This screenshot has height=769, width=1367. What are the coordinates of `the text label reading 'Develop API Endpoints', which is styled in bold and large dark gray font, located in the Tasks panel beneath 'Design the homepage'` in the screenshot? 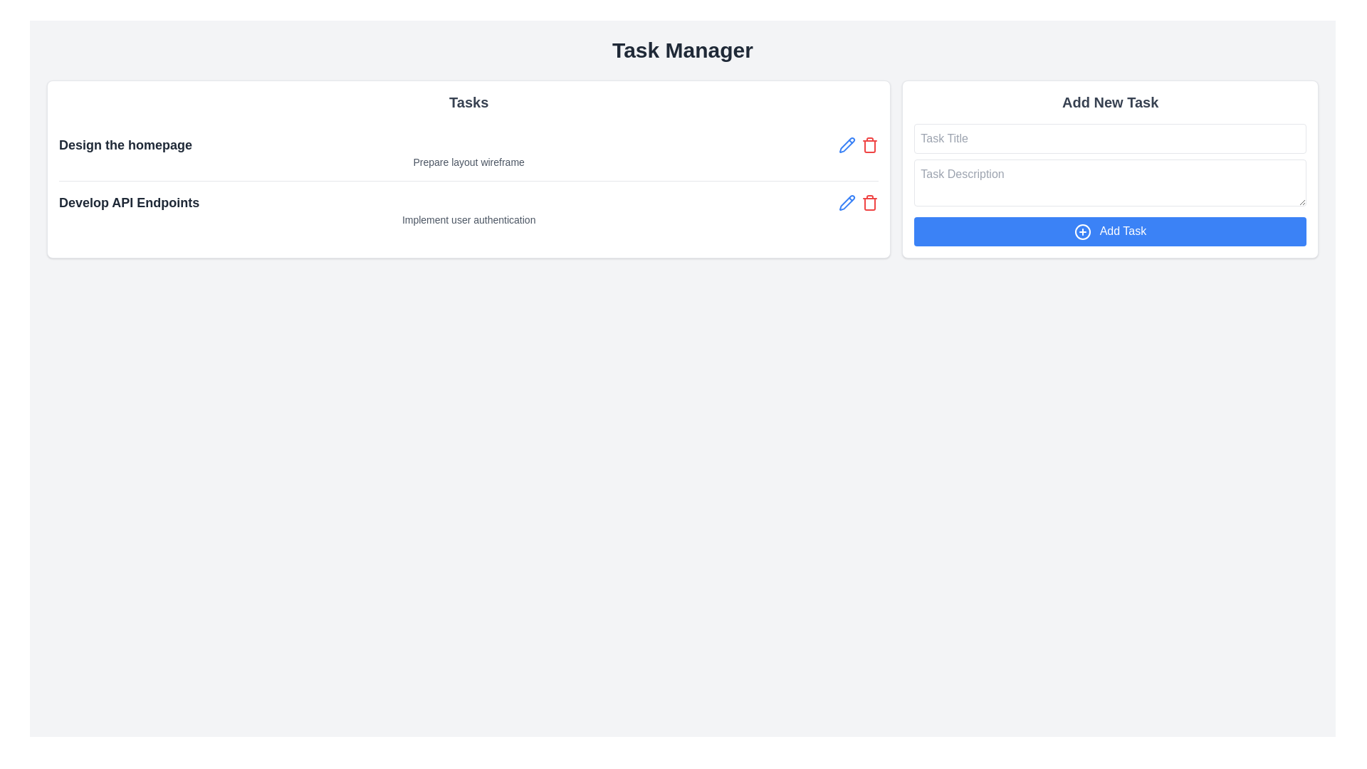 It's located at (129, 203).